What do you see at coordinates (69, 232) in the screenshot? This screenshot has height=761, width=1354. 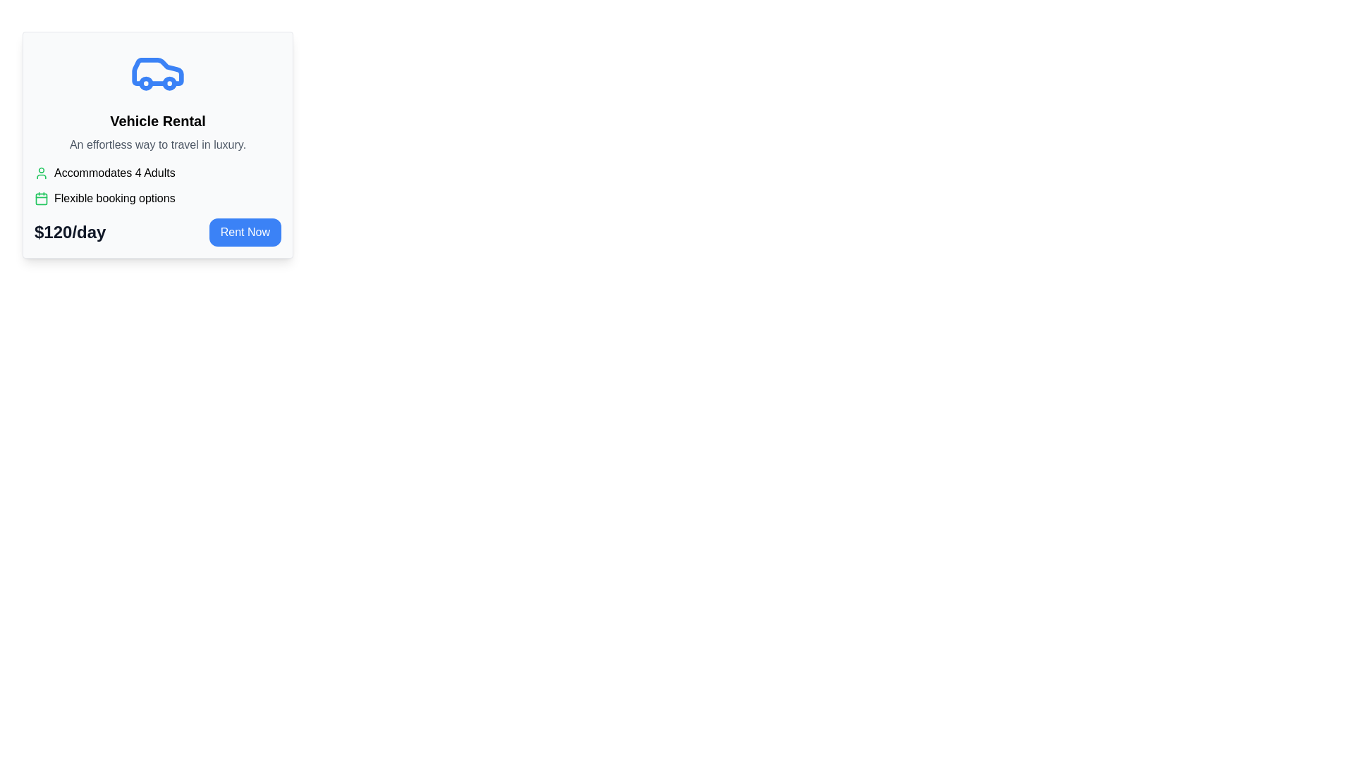 I see `the static text label displaying the price '$120/day' in large, bold, gray font, located at the lower-left corner of the card layout` at bounding box center [69, 232].